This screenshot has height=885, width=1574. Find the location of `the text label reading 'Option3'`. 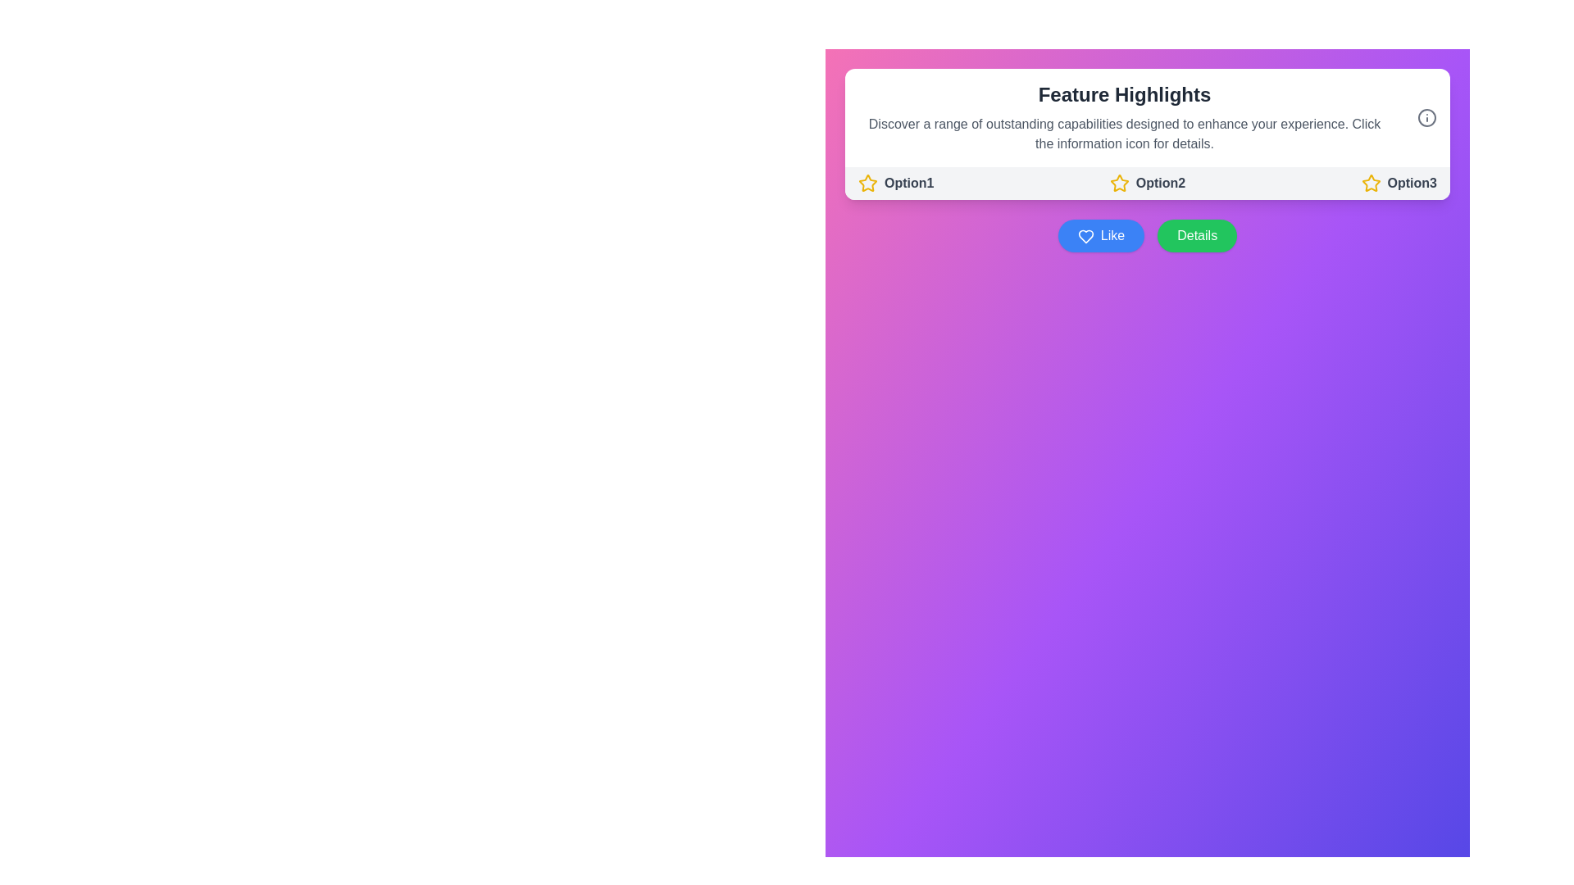

the text label reading 'Option3' is located at coordinates (1411, 183).